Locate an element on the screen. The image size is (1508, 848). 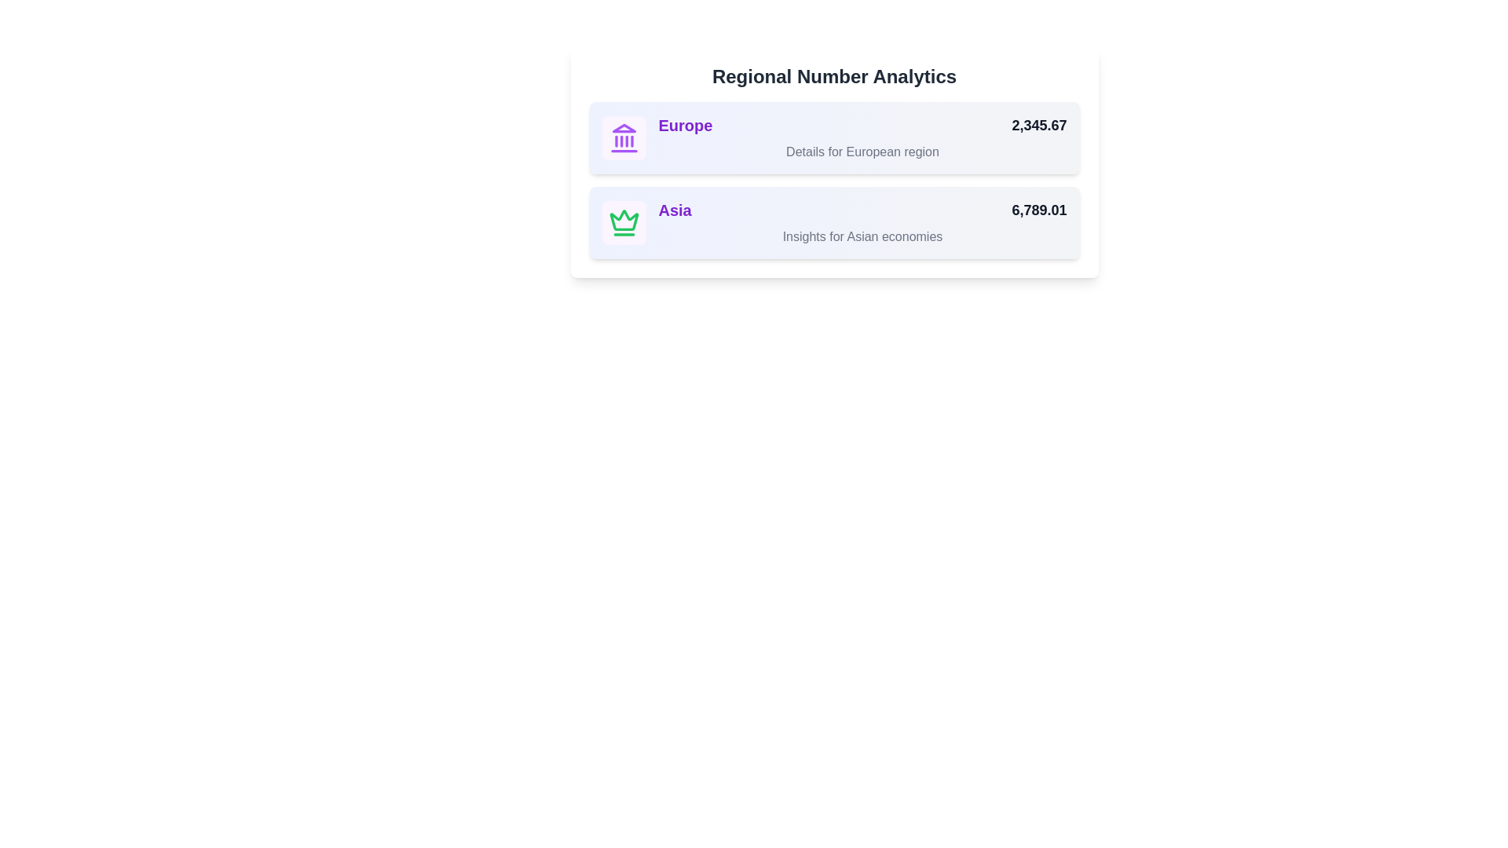
text label identifying the region 'Europe' located in the first card of a vertical list, positioned between an icon and a numeric value ('2,345.67') is located at coordinates (686, 124).